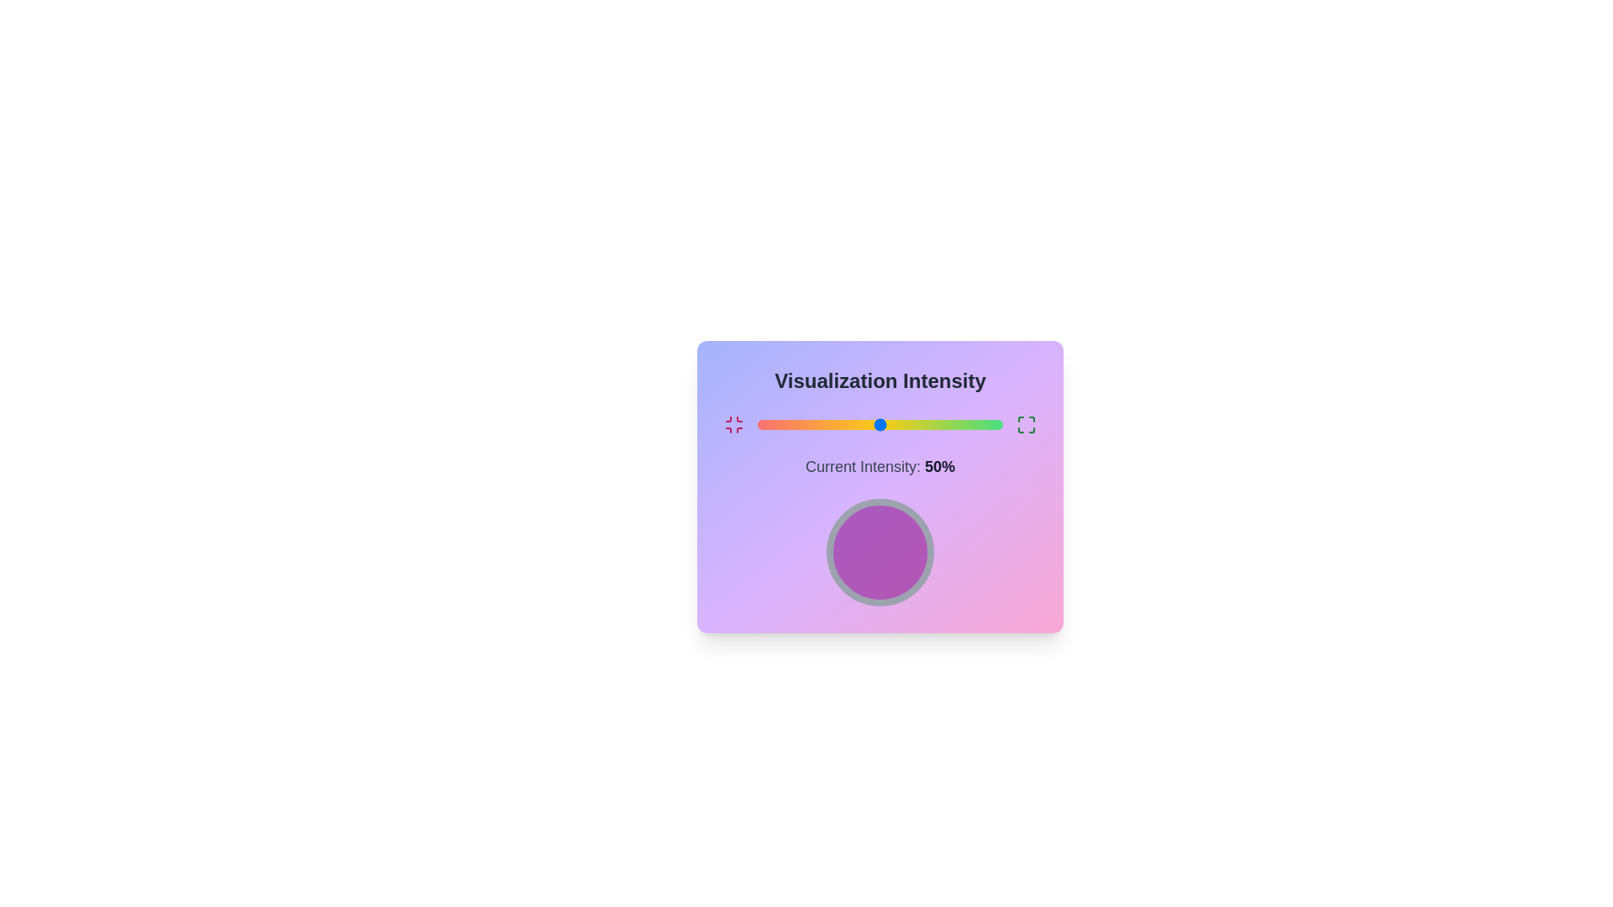 Image resolution: width=1613 pixels, height=907 pixels. Describe the element at coordinates (971, 423) in the screenshot. I see `the slider to set the intensity to 87%` at that location.